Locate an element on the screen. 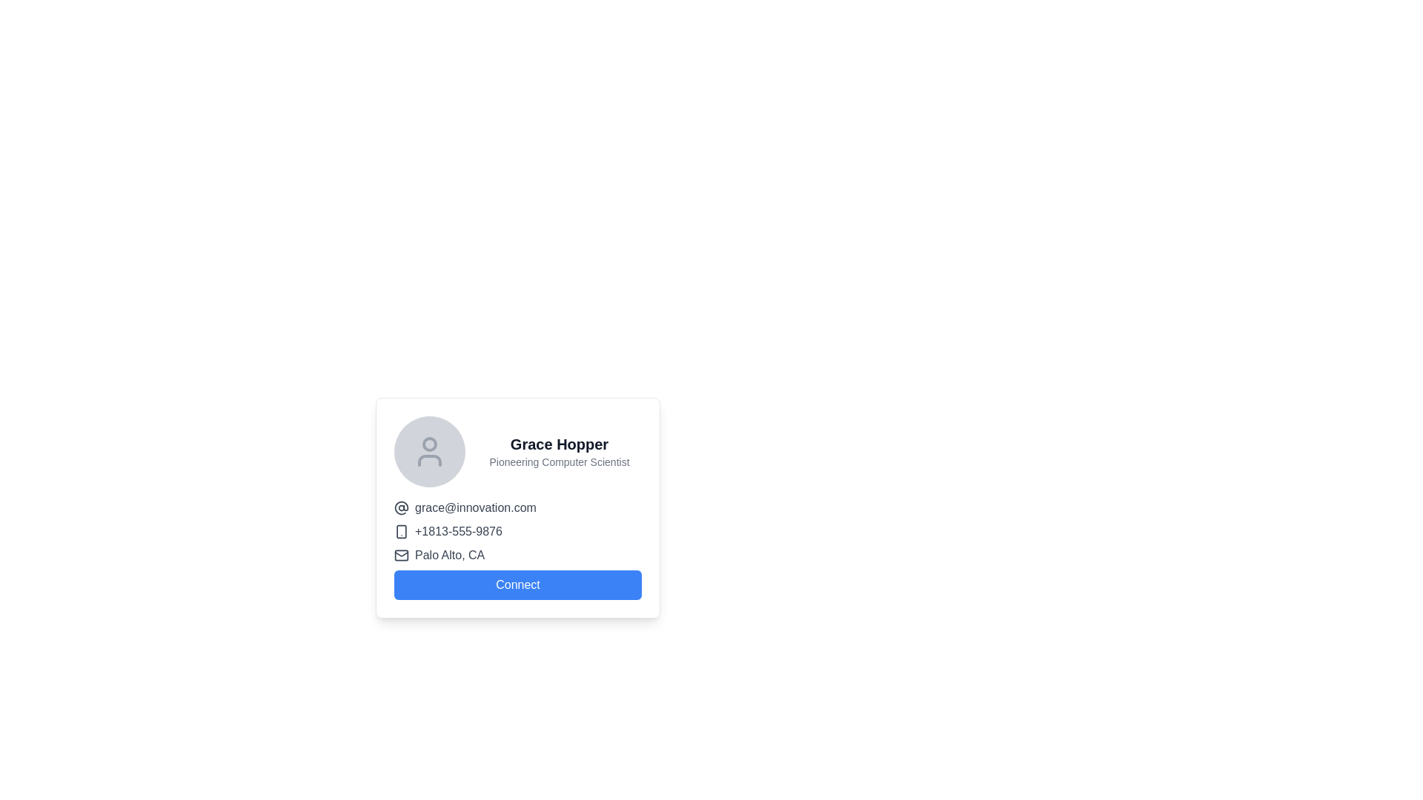  the phone icon that indicates the phone number '+1813-555-9876', which is positioned in the third row of contact information is located at coordinates (402, 530).